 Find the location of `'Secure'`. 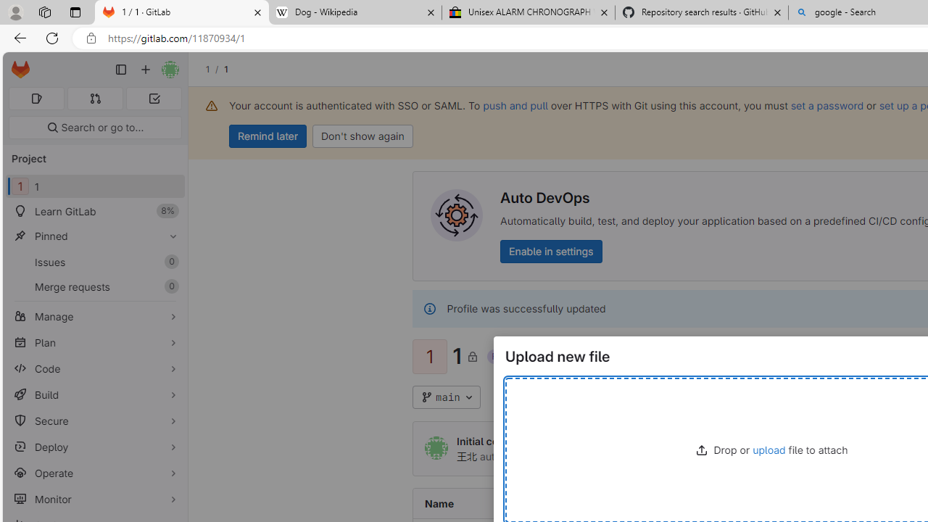

'Secure' is located at coordinates (94, 420).